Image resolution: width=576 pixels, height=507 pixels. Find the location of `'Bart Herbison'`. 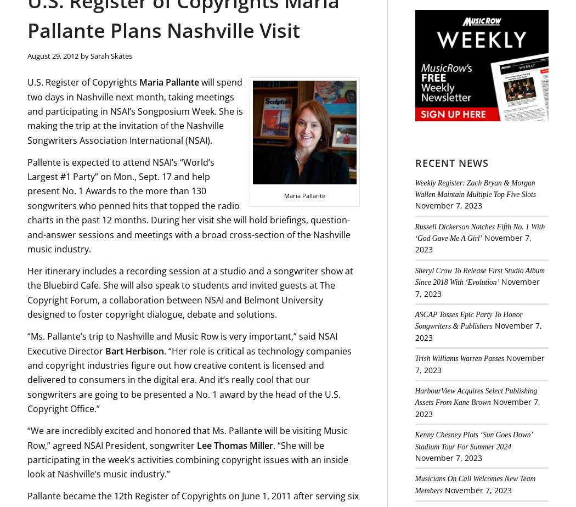

'Bart Herbison' is located at coordinates (134, 351).